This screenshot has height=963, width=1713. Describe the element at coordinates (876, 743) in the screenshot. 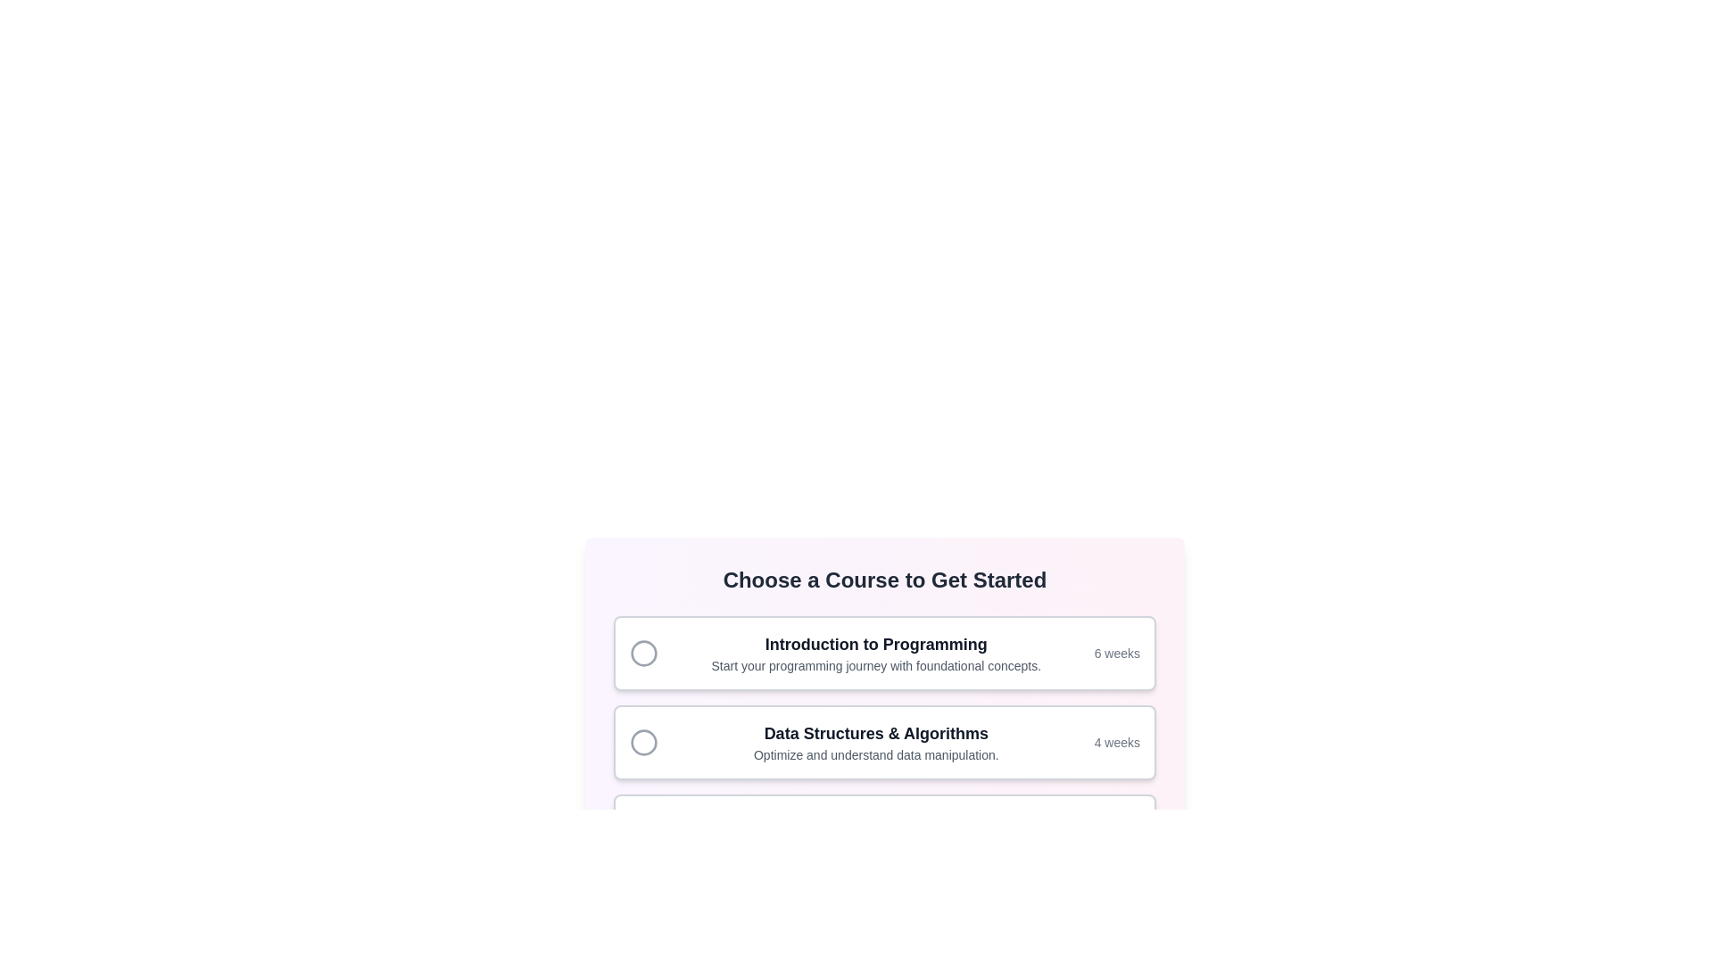

I see `the second card in the vertical list of selectable cards that contains the text 'Data Structures & Algorithms' to select the course` at that location.